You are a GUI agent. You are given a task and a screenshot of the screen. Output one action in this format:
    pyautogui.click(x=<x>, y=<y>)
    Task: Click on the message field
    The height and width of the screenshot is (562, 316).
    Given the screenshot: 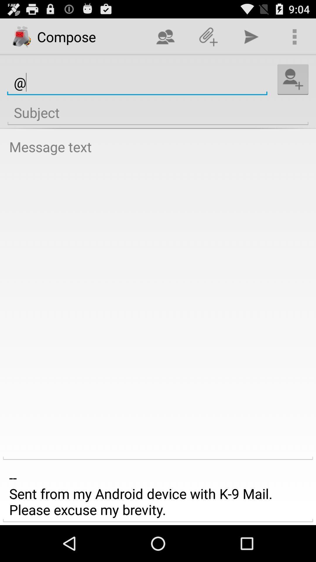 What is the action you would take?
    pyautogui.click(x=158, y=297)
    